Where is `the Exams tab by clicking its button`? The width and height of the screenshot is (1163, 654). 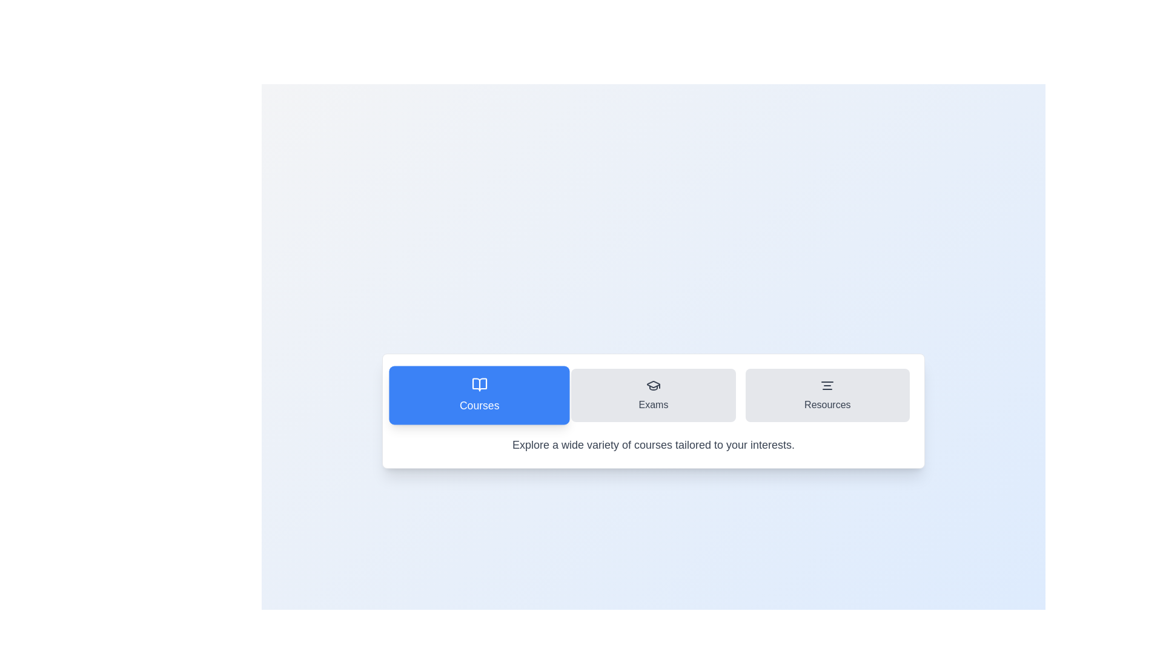
the Exams tab by clicking its button is located at coordinates (653, 395).